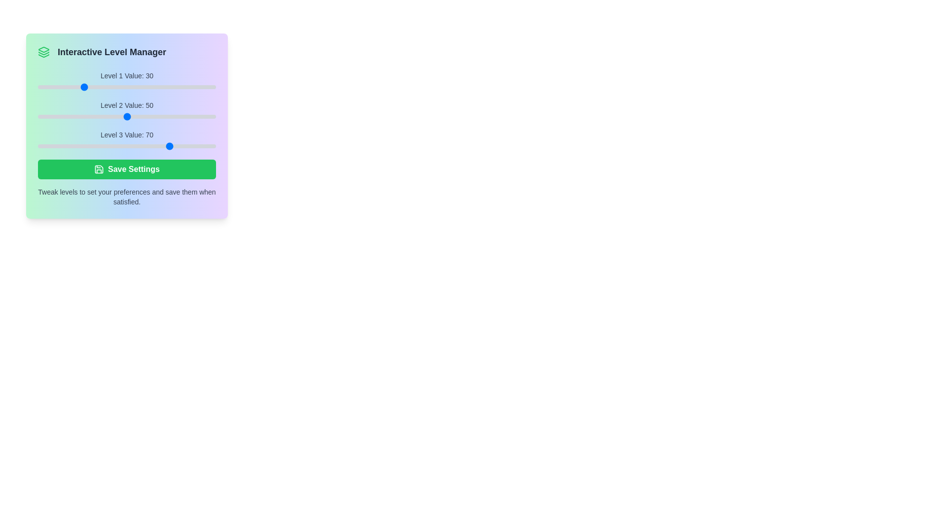 The height and width of the screenshot is (532, 947). Describe the element at coordinates (211, 146) in the screenshot. I see `the Level 3 value` at that location.